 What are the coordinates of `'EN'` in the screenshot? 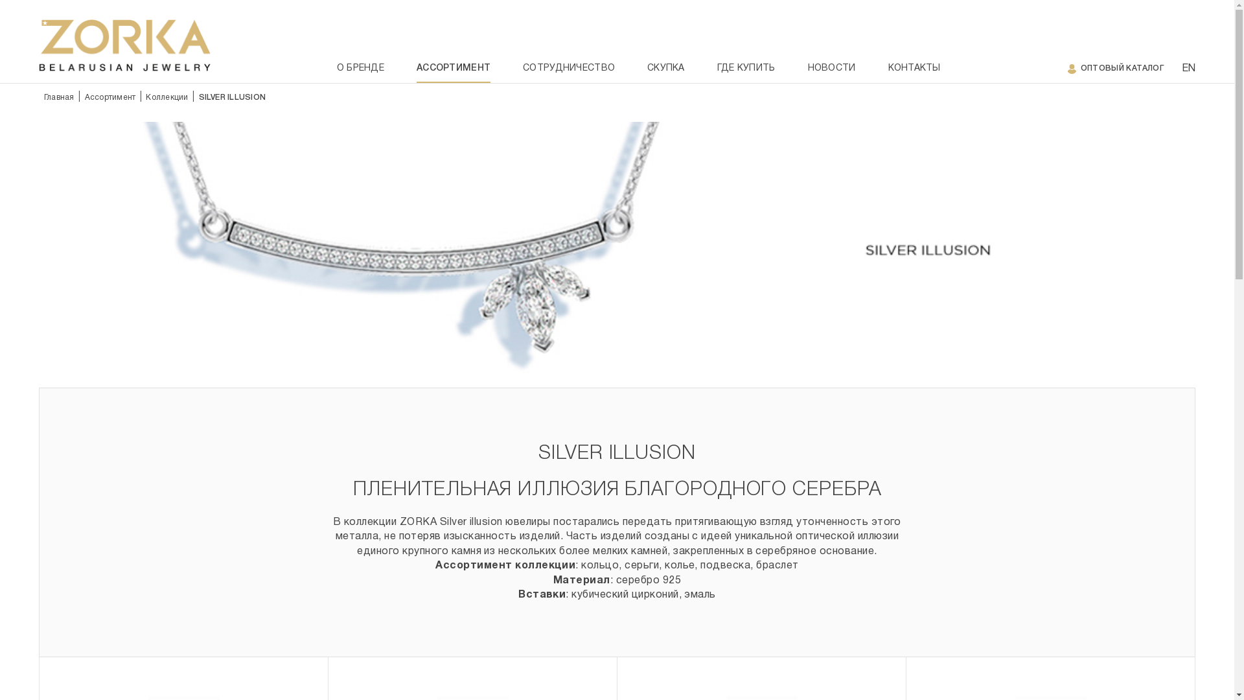 It's located at (1188, 68).